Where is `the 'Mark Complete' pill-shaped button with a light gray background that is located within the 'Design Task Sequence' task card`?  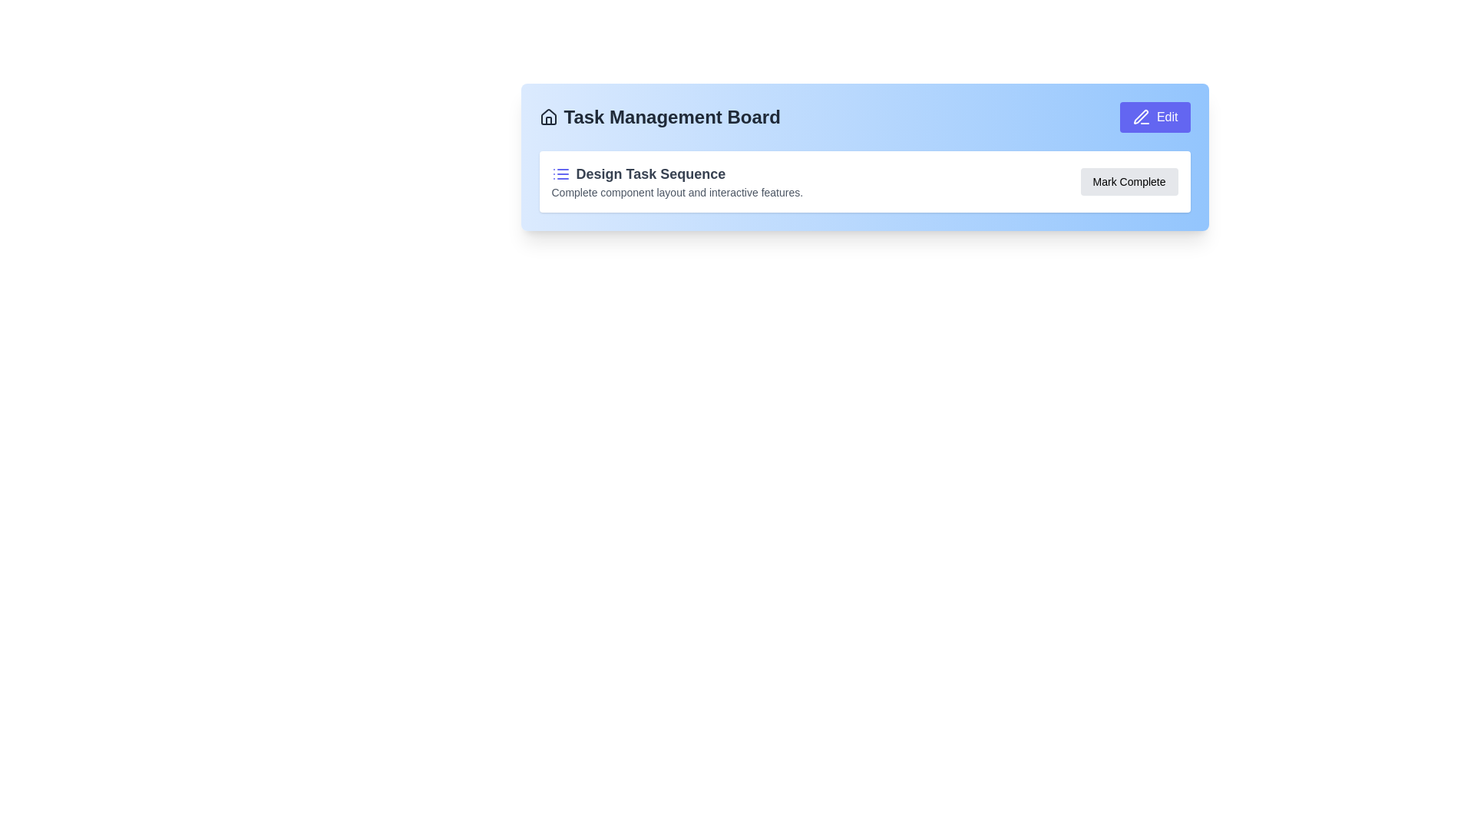 the 'Mark Complete' pill-shaped button with a light gray background that is located within the 'Design Task Sequence' task card is located at coordinates (1129, 180).